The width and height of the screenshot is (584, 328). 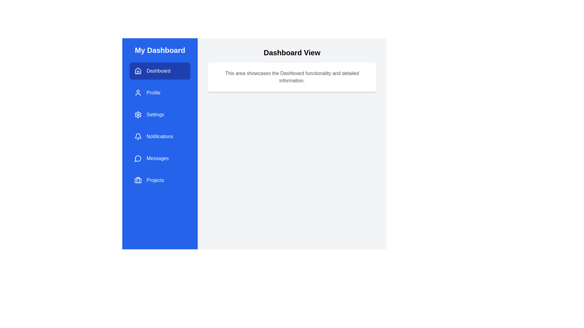 What do you see at coordinates (160, 158) in the screenshot?
I see `the menu item Messages` at bounding box center [160, 158].